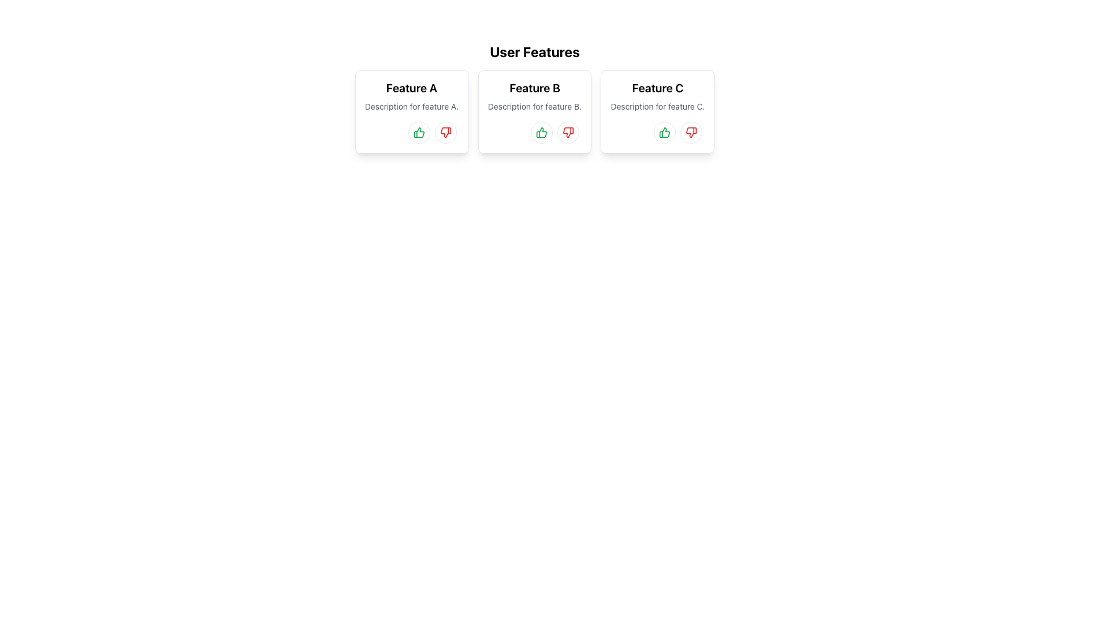 The width and height of the screenshot is (1109, 623). Describe the element at coordinates (657, 132) in the screenshot. I see `the green thumbs-up icon button located in the footer area of the 'Feature C' panel to approve` at that location.